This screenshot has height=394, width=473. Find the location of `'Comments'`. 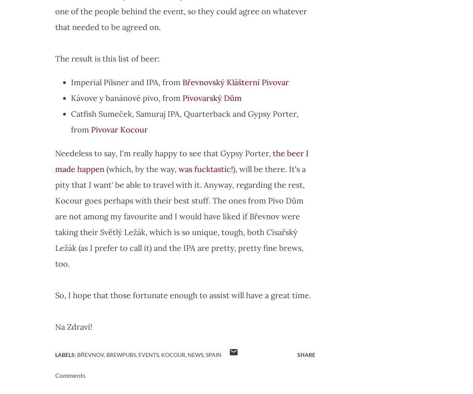

'Comments' is located at coordinates (70, 375).